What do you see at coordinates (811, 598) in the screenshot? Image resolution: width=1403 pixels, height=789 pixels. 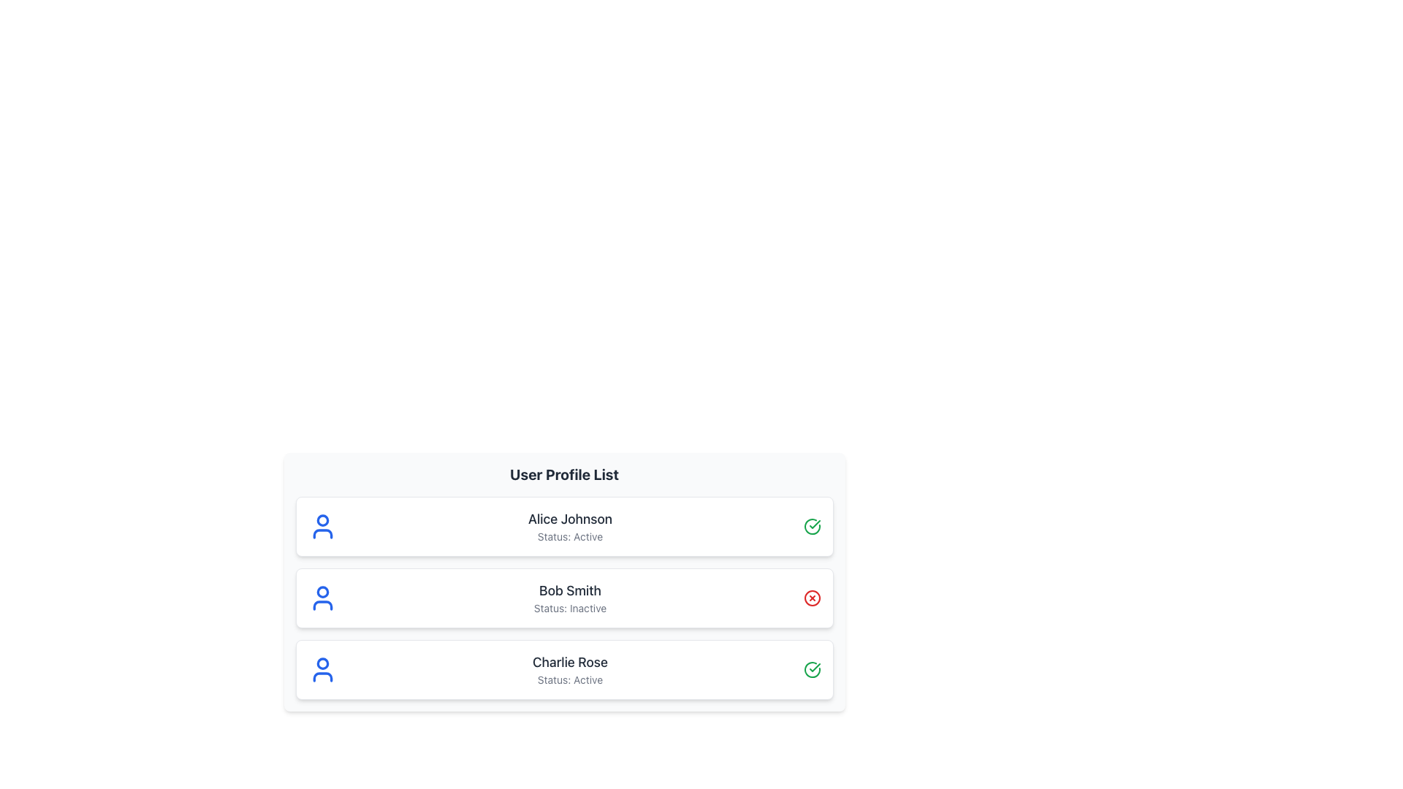 I see `the indicator icon to the right of Bob Smith's name in the user list` at bounding box center [811, 598].